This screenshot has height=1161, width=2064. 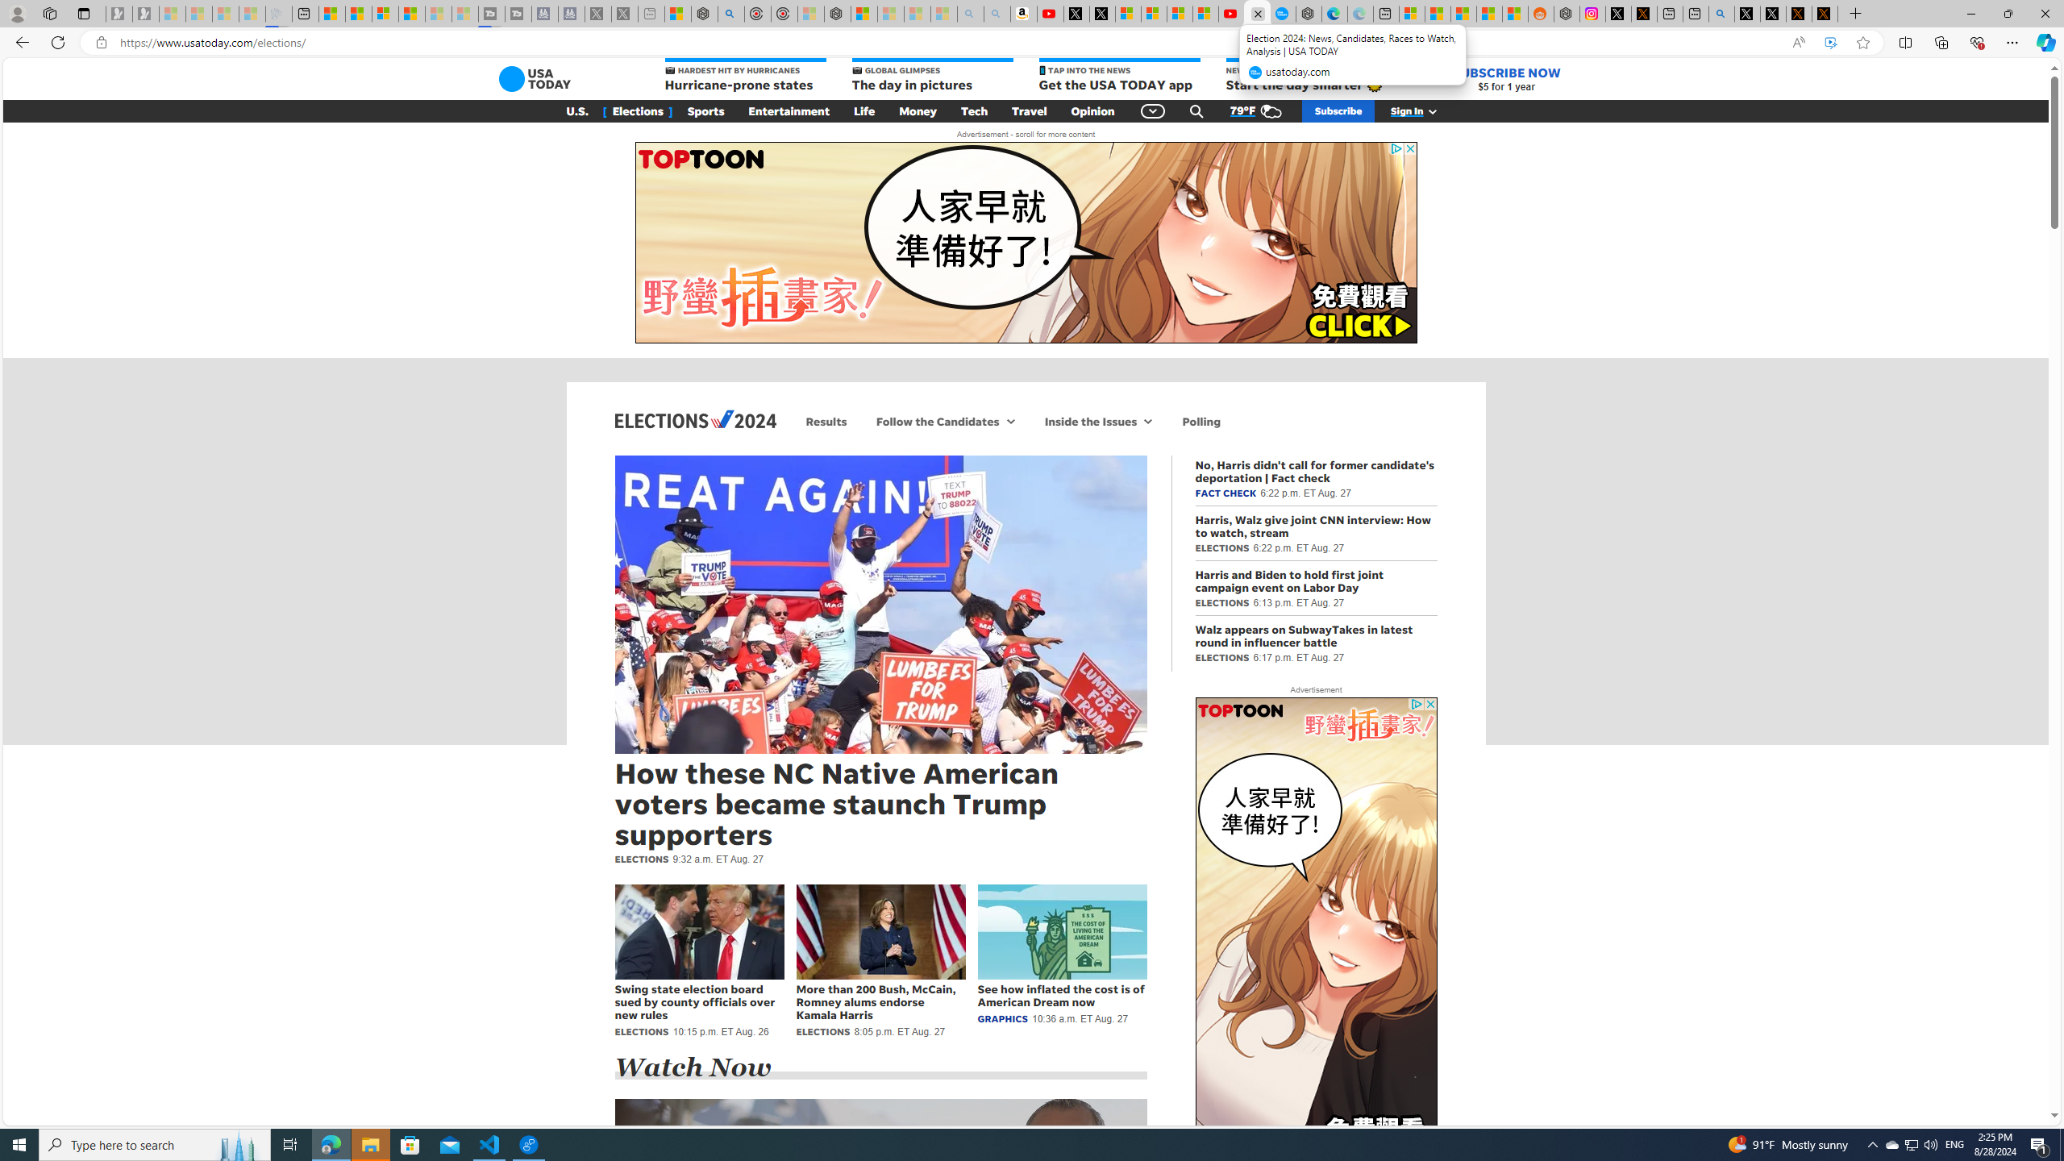 What do you see at coordinates (789, 110) in the screenshot?
I see `'Entertainment'` at bounding box center [789, 110].